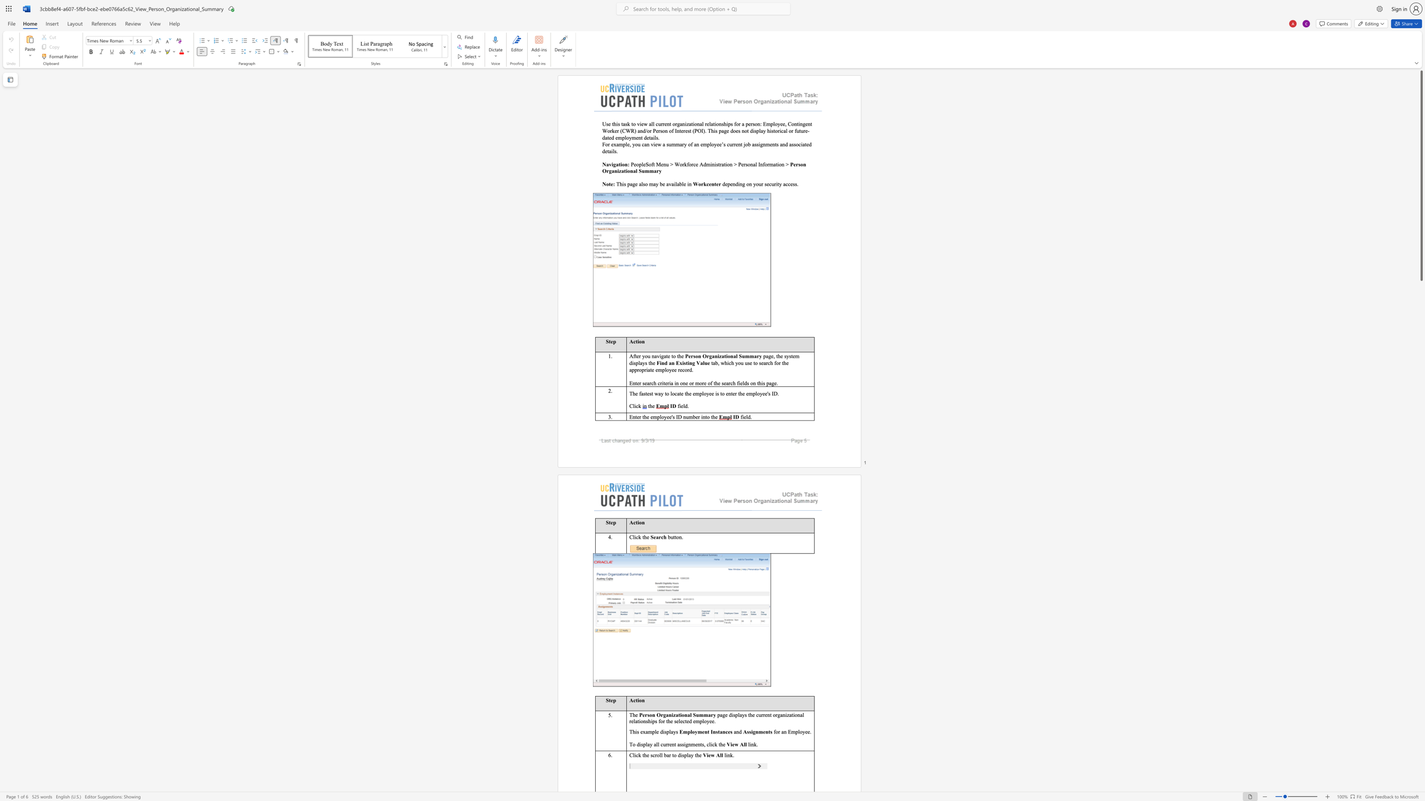 This screenshot has width=1425, height=801. I want to click on the subset text "Summary" within the text "Person Organizational Summary", so click(738, 355).